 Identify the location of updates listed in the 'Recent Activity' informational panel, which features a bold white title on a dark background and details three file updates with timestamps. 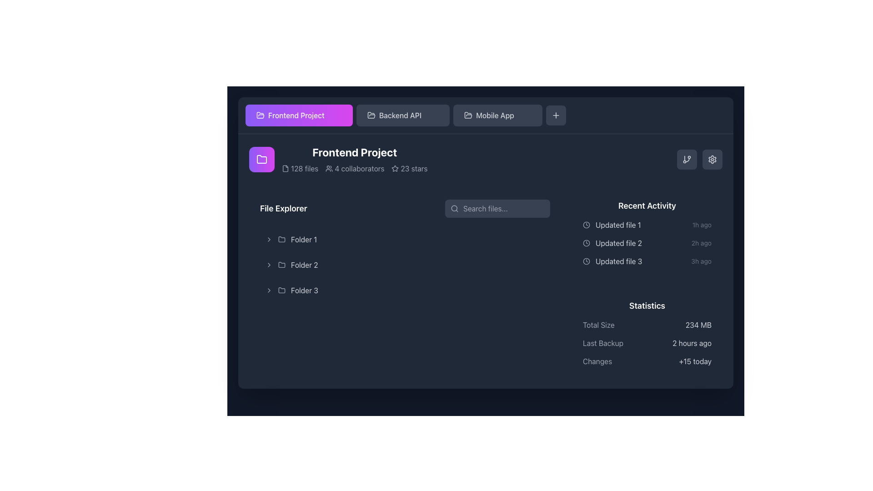
(647, 233).